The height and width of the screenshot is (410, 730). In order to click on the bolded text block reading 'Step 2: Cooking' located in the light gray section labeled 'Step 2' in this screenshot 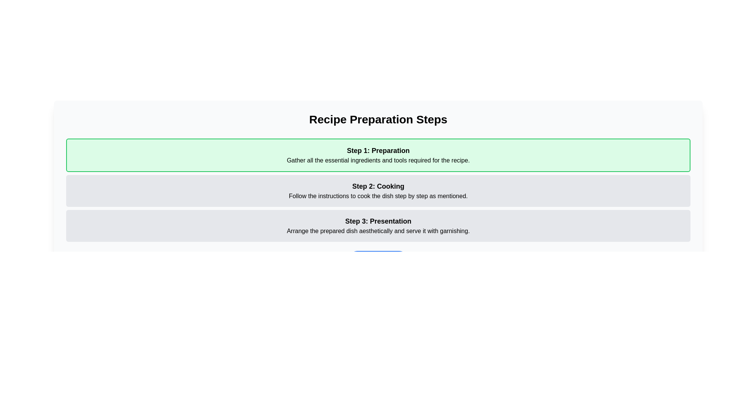, I will do `click(378, 186)`.